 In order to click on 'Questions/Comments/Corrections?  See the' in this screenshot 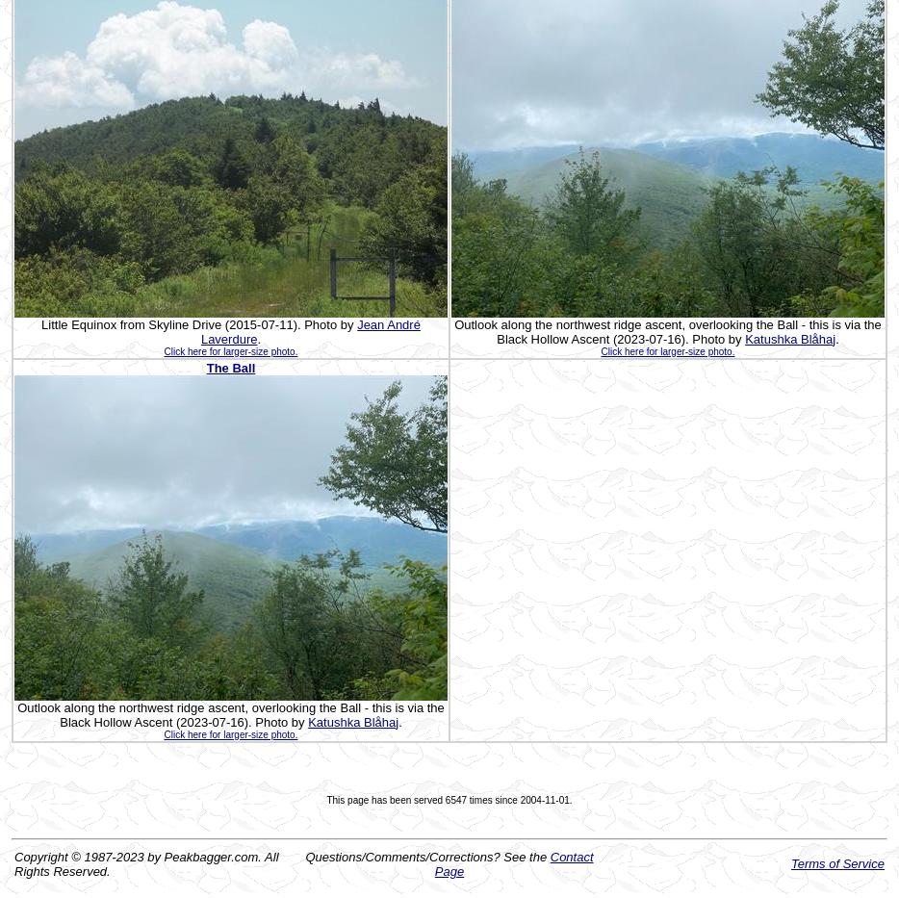, I will do `click(427, 856)`.